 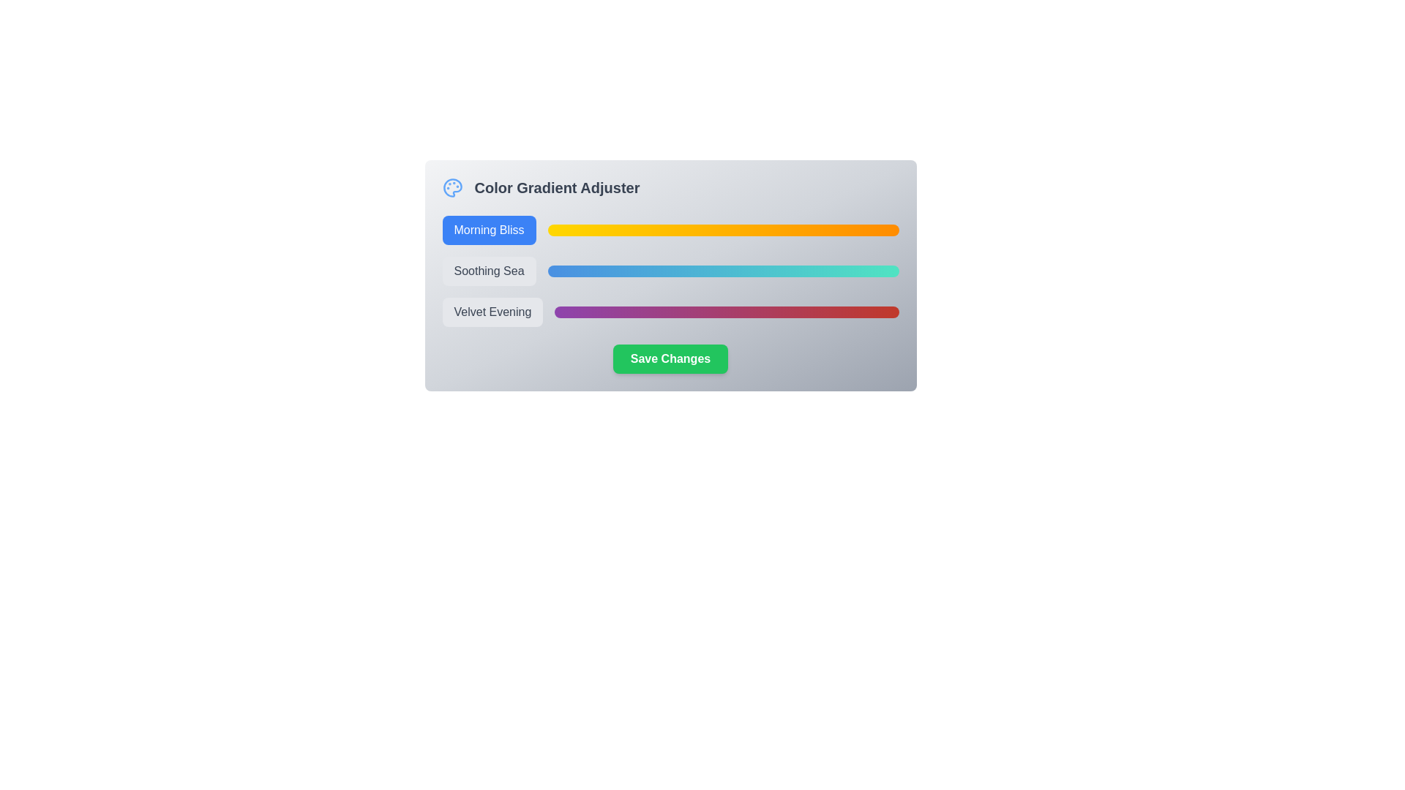 I want to click on the 'Save Changes' button to confirm the selection, so click(x=670, y=358).